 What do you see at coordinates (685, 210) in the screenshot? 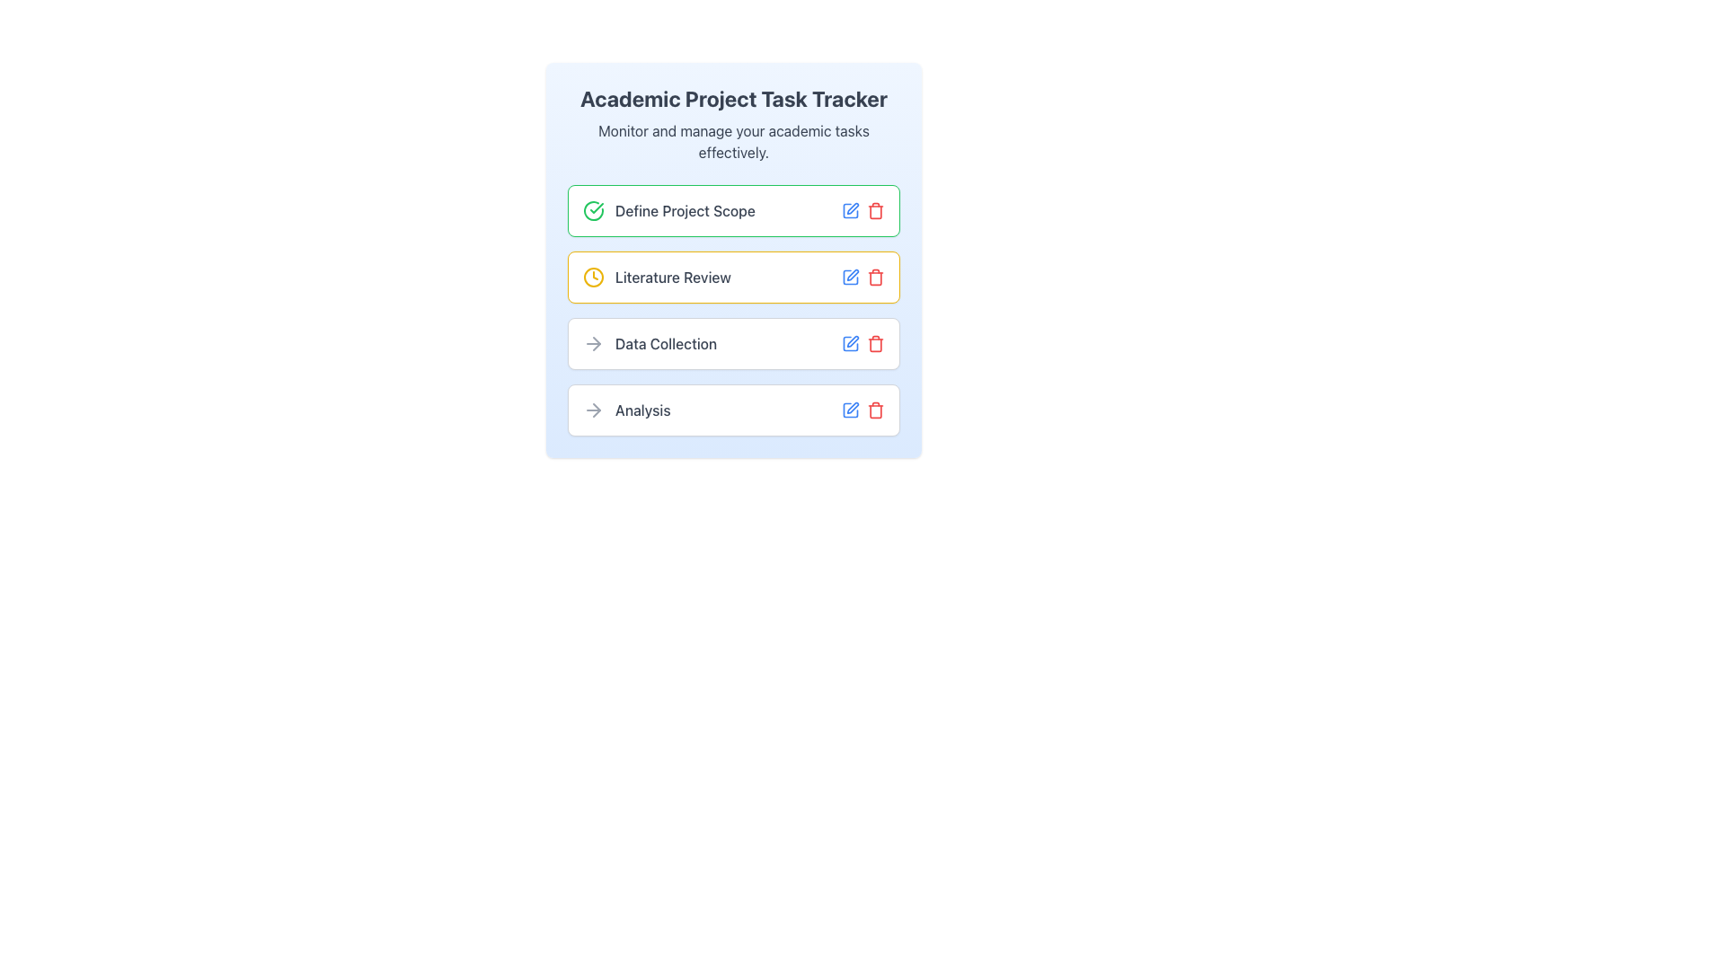
I see `the static text label that identifies the task 'Define Project Scope', which is located directly to the right of a green circular checkmark icon in the first row of the task list` at bounding box center [685, 210].